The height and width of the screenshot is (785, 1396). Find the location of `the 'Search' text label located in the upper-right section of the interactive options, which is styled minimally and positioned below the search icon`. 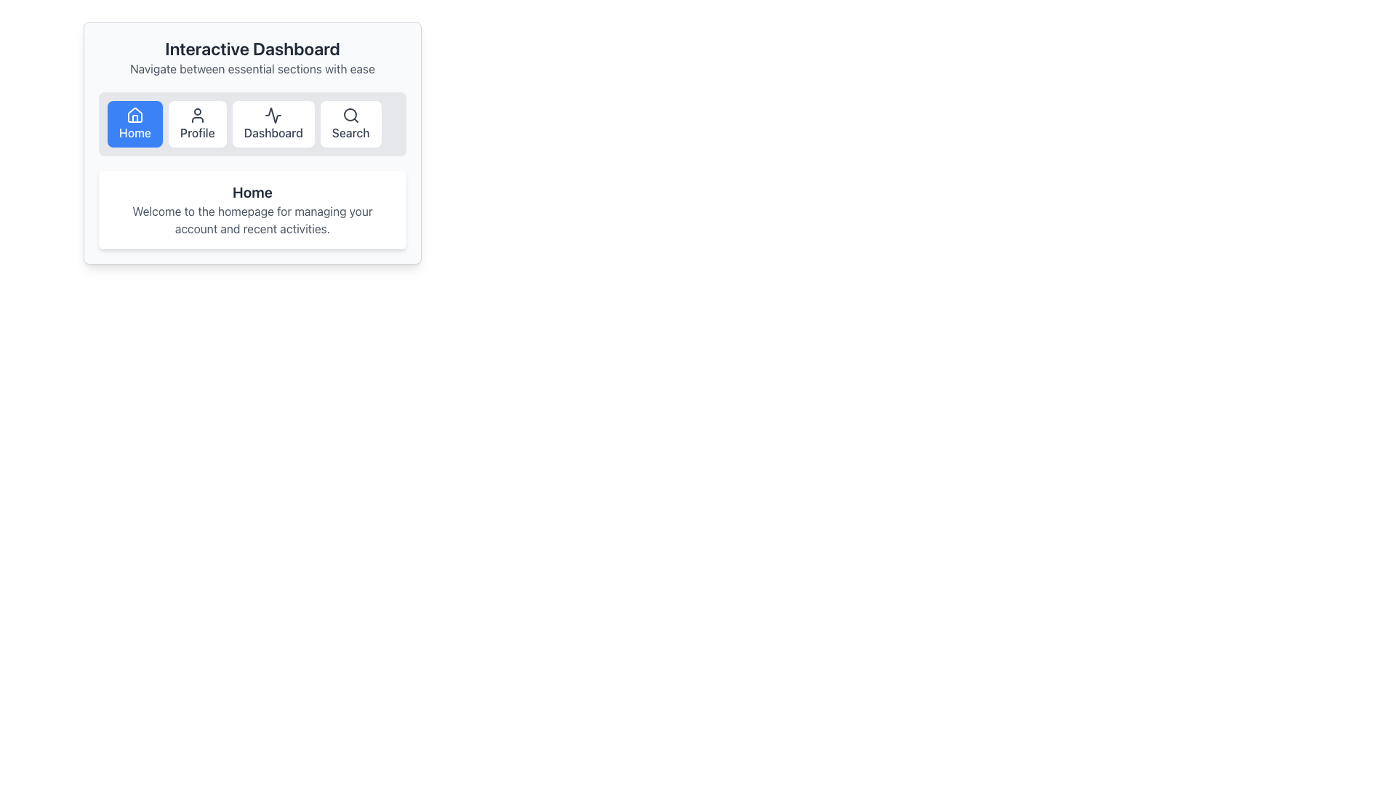

the 'Search' text label located in the upper-right section of the interactive options, which is styled minimally and positioned below the search icon is located at coordinates (350, 132).